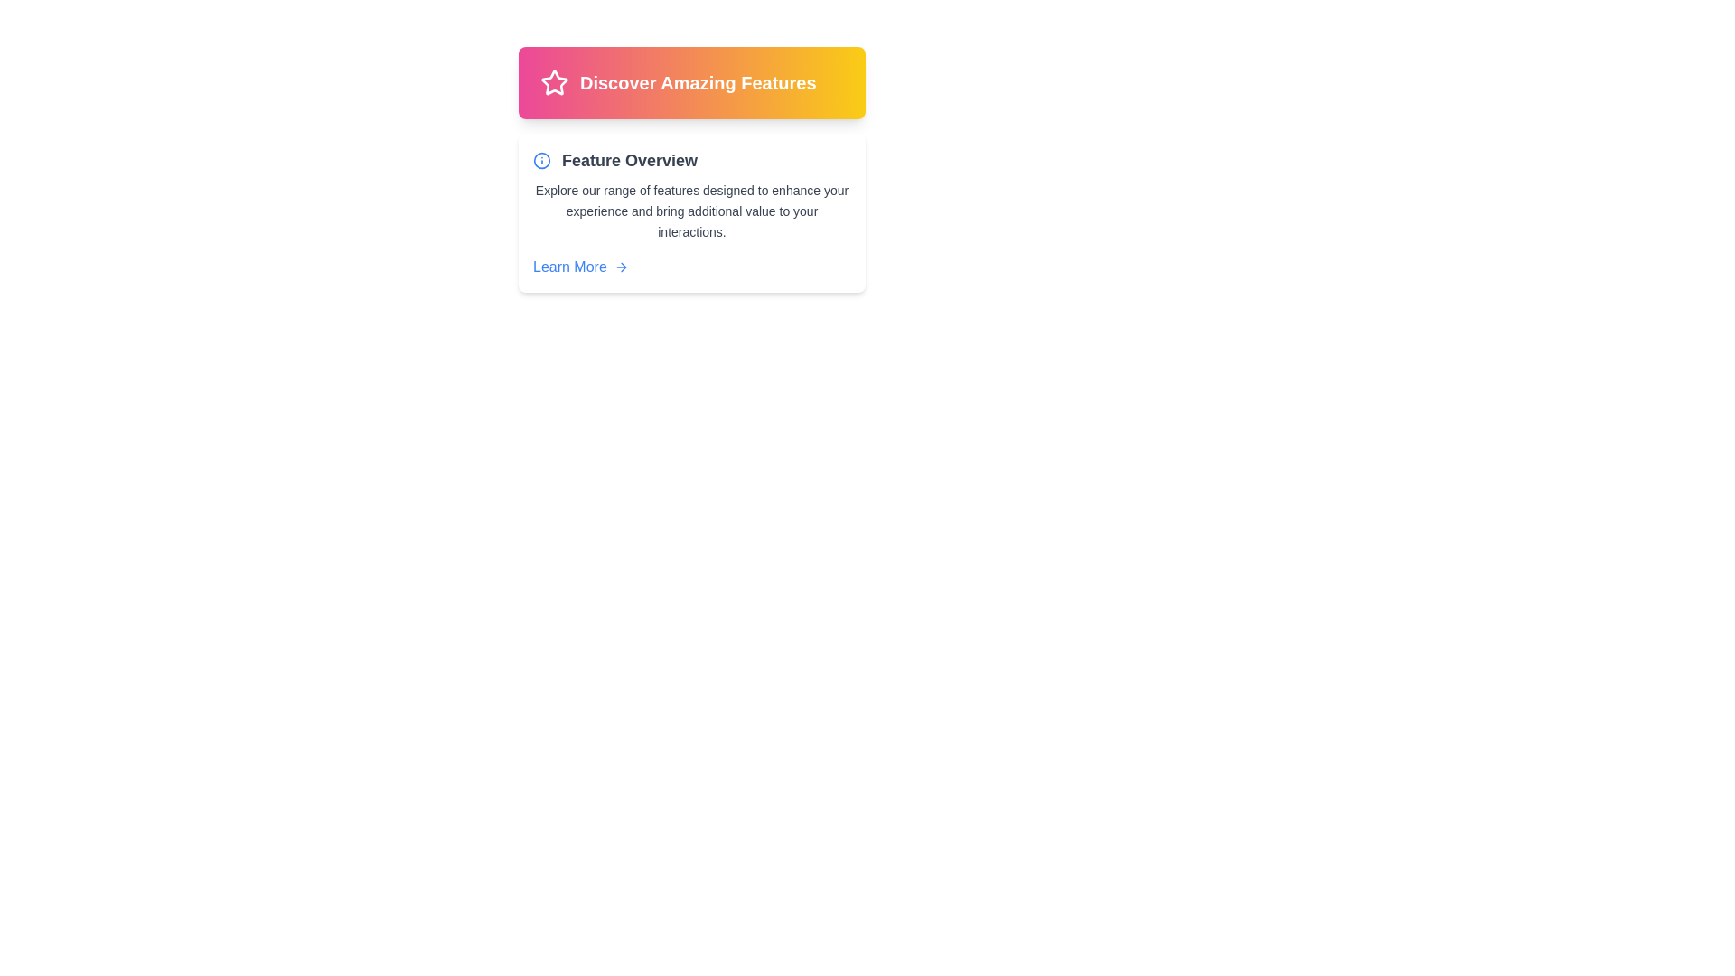  What do you see at coordinates (541, 159) in the screenshot?
I see `the decorative or informational icon located at the leftmost position of a horizontal layout, preceding the text 'Feature Overview'` at bounding box center [541, 159].